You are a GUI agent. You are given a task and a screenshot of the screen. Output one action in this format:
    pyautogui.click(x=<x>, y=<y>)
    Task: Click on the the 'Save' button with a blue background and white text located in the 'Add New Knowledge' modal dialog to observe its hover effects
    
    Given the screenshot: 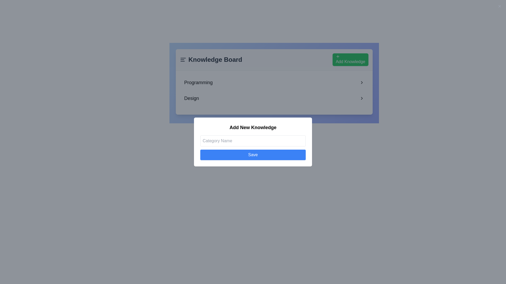 What is the action you would take?
    pyautogui.click(x=253, y=155)
    